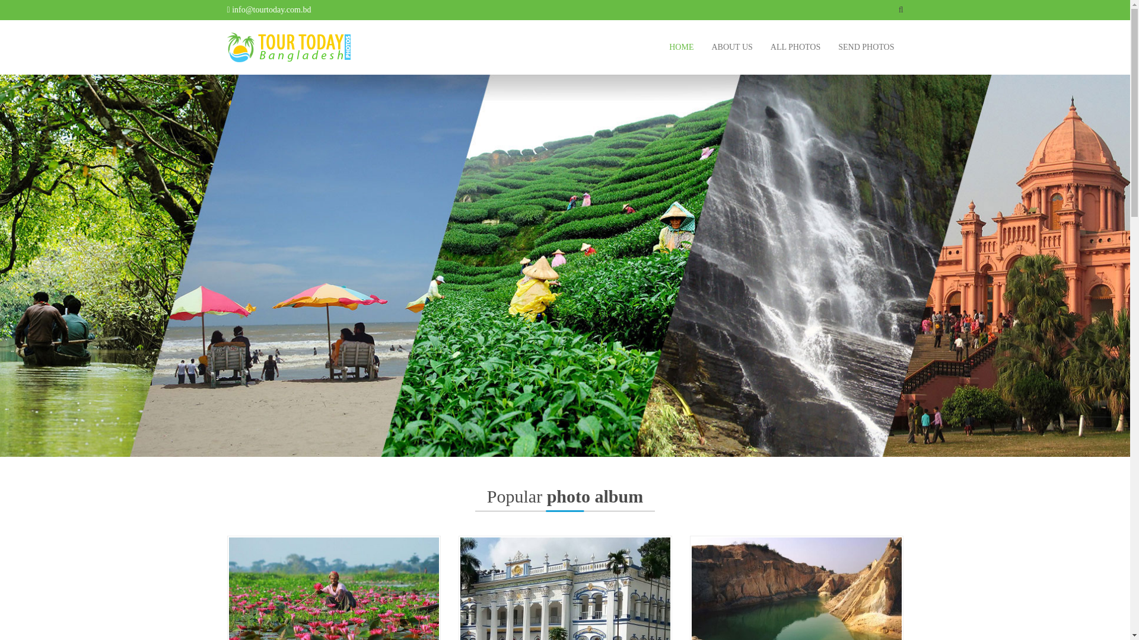 This screenshot has width=1139, height=640. Describe the element at coordinates (866, 47) in the screenshot. I see `'SEND PHOTOS'` at that location.